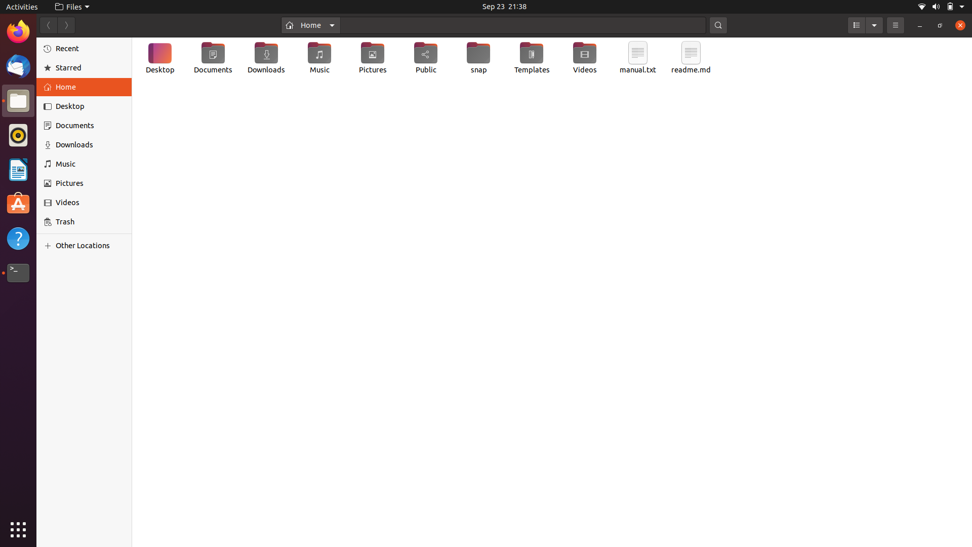  Describe the element at coordinates (318, 60) in the screenshot. I see `Update the name of the "Music" folder to "My Music"` at that location.